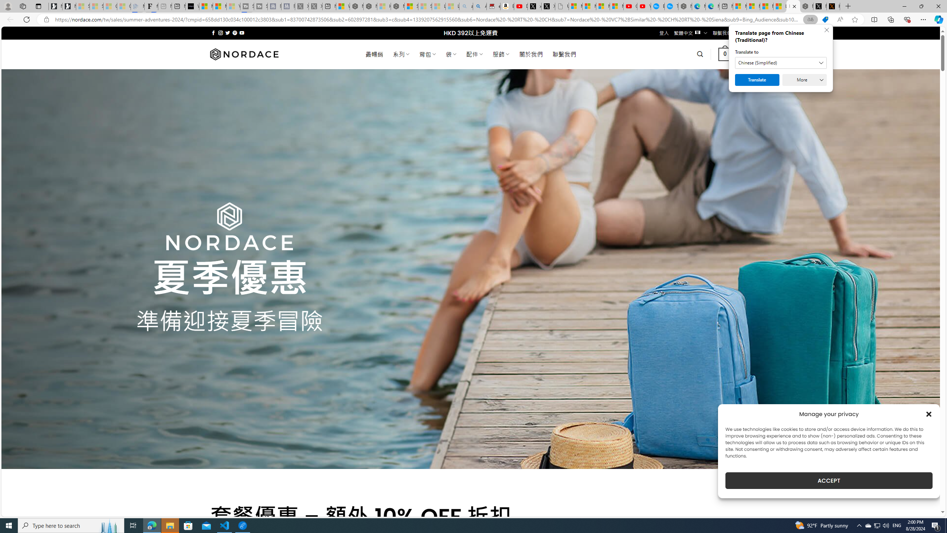 The image size is (947, 533). I want to click on 'Nordace - Nordace Siena Is Not An Ordinary Backpack', so click(397, 6).